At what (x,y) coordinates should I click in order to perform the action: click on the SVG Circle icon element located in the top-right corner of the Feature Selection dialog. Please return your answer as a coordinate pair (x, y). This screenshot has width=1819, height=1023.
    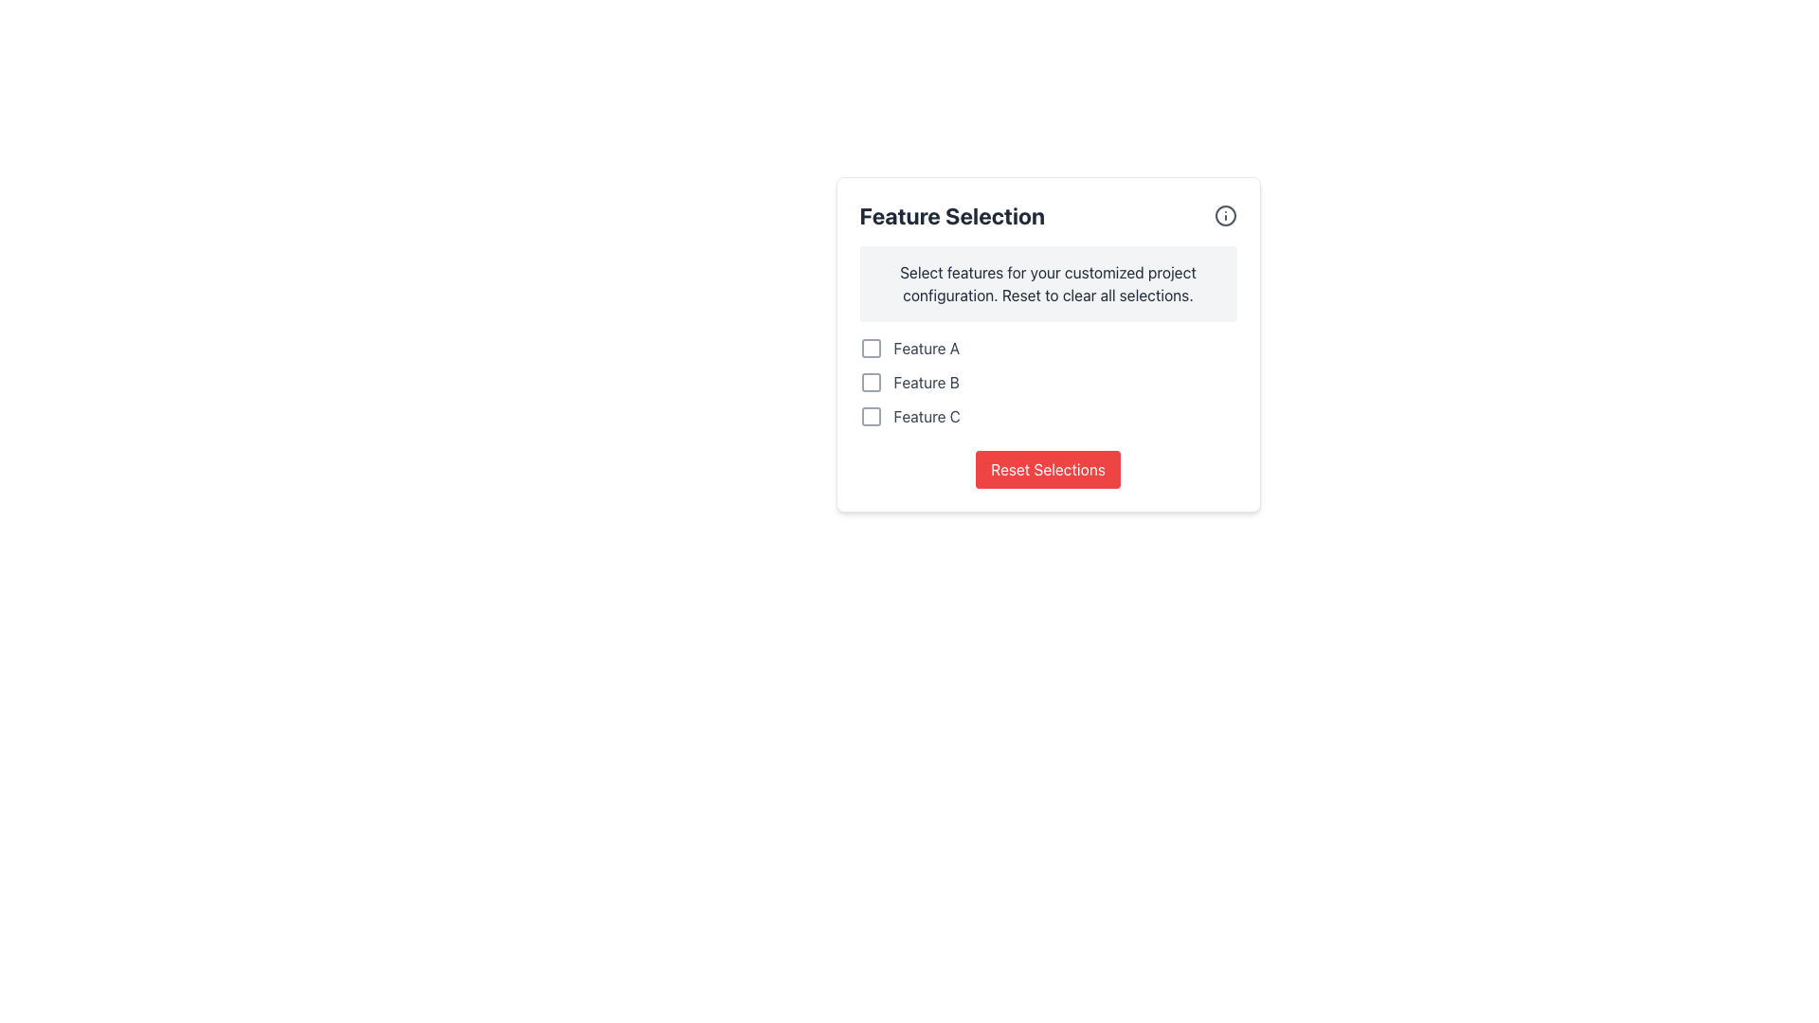
    Looking at the image, I should click on (1225, 214).